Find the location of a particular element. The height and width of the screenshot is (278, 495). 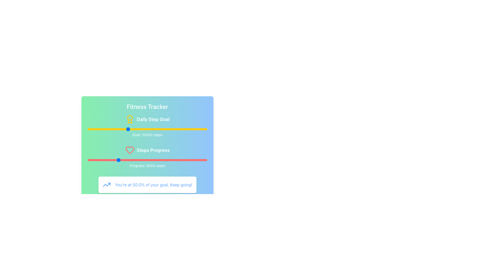

the daily step goal is located at coordinates (106, 129).